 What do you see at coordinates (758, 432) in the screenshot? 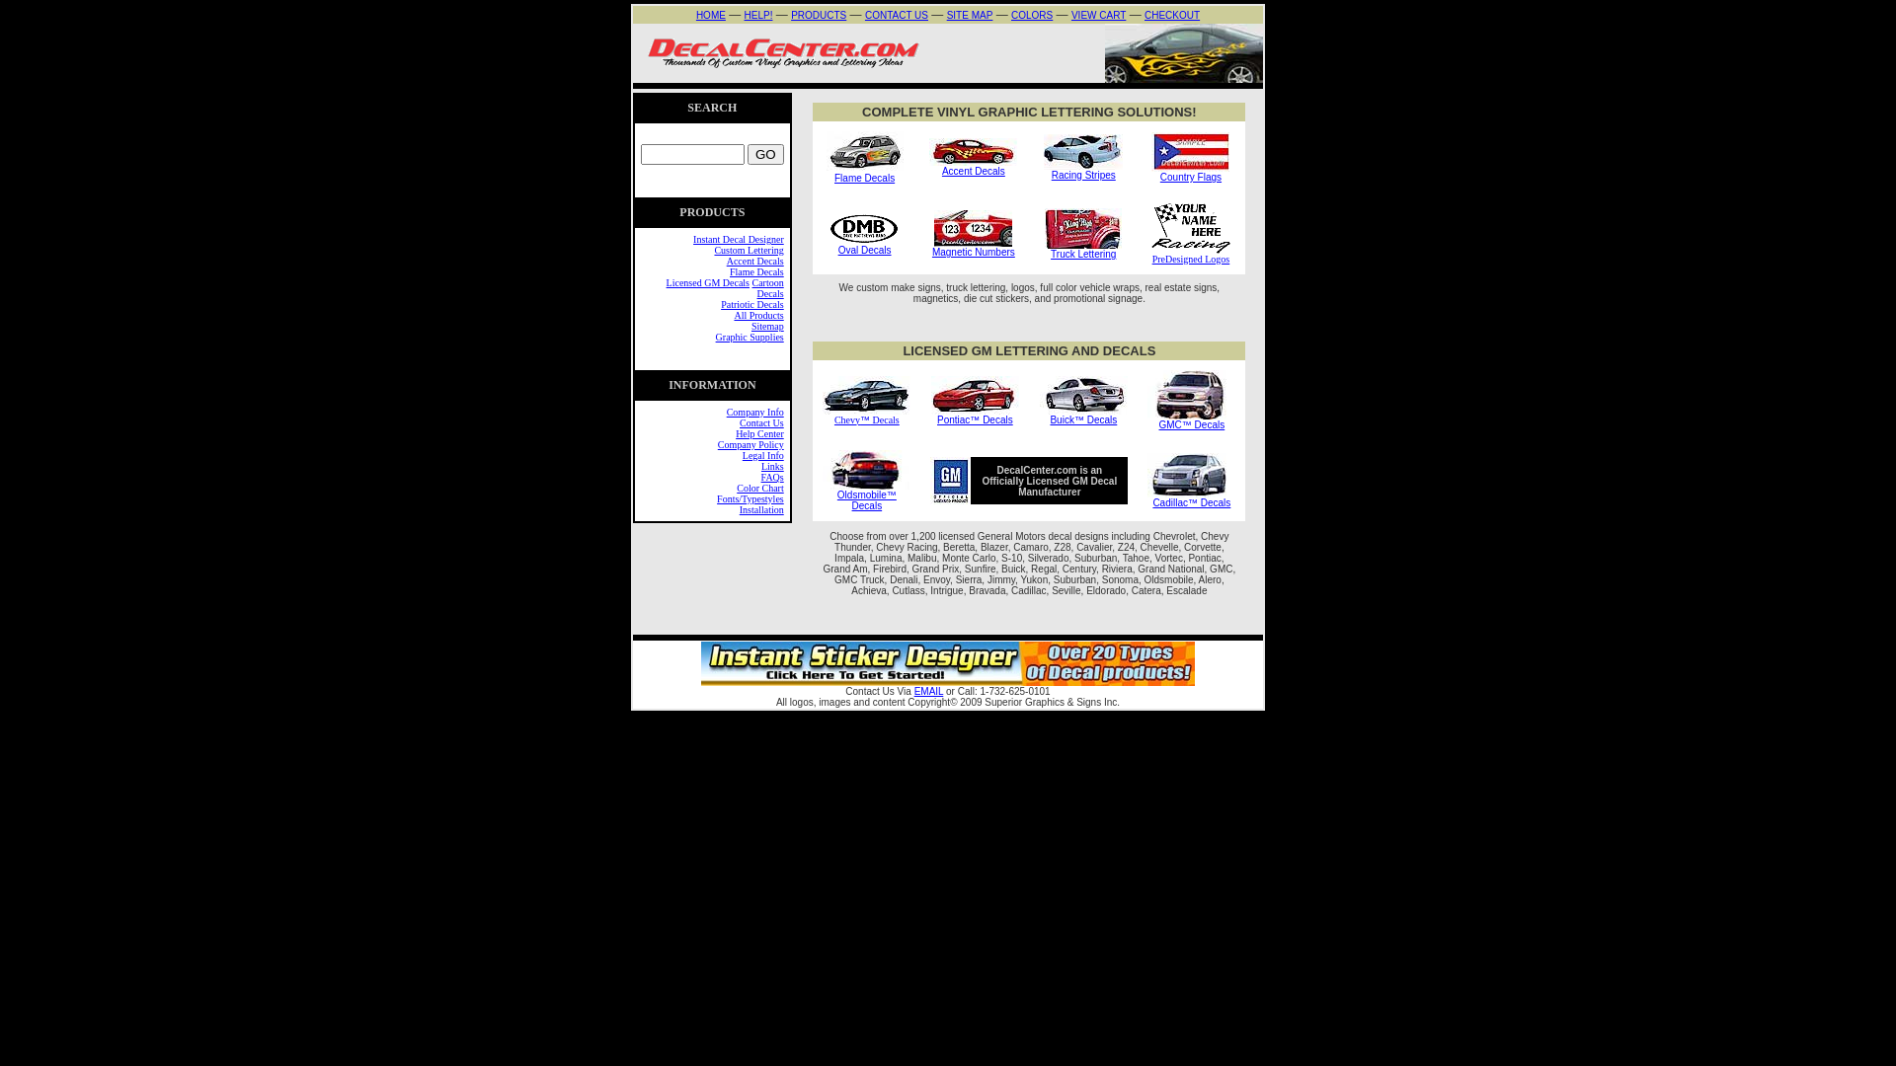
I see `'Help Center'` at bounding box center [758, 432].